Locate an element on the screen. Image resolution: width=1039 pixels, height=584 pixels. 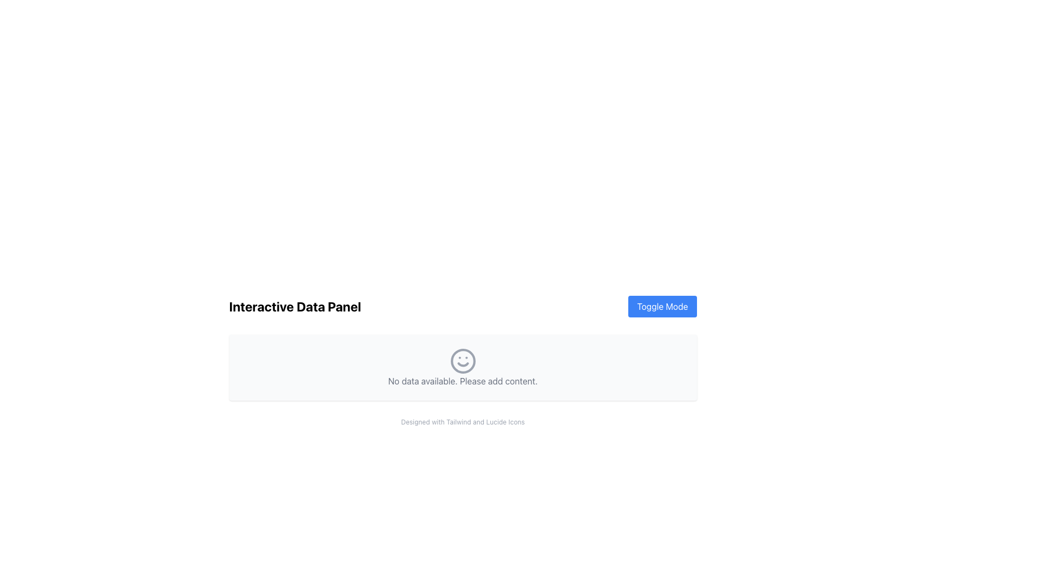
the smiling face icon, which is a grayish circular outline with two dots for eyes and a curved smile, located centrally above the text 'No data available. Please add content.' is located at coordinates (463, 361).